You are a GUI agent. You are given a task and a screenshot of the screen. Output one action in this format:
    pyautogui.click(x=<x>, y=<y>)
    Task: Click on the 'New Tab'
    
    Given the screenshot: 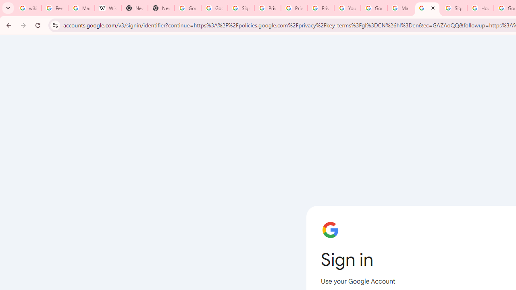 What is the action you would take?
    pyautogui.click(x=135, y=8)
    